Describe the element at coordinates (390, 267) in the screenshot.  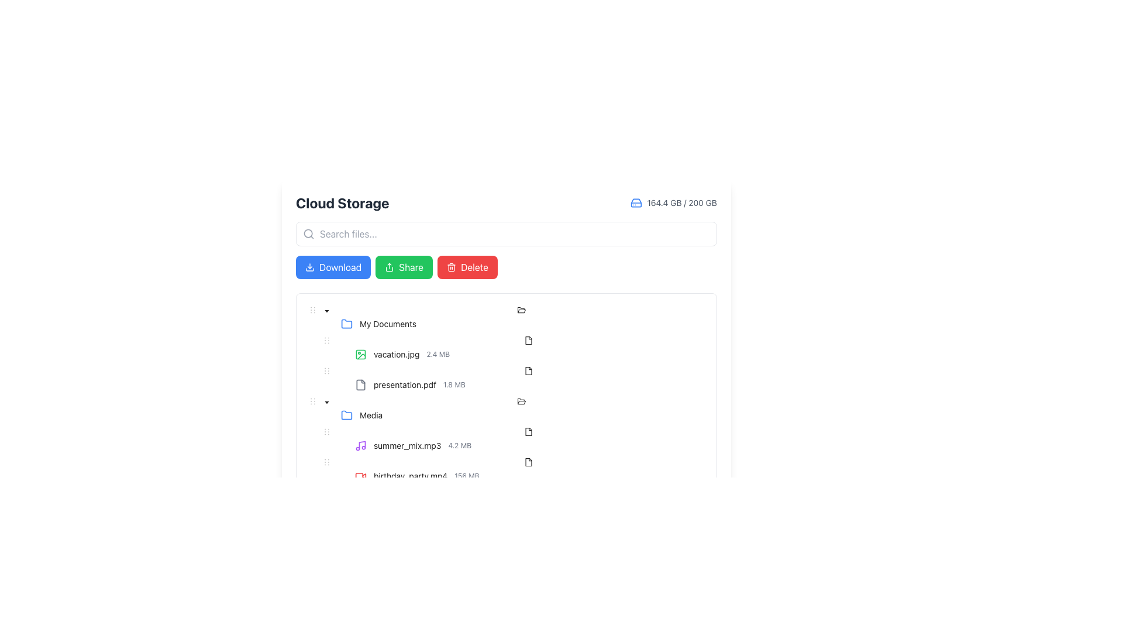
I see `the sharing icon, which is an outlined icon with an arrow pointing upward, located centrally within the green 'Share' button` at that location.